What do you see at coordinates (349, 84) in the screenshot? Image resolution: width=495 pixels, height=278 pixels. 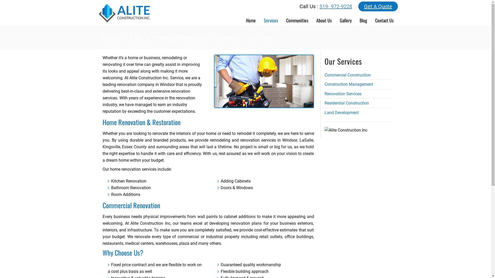 I see `'Construction Management'` at bounding box center [349, 84].